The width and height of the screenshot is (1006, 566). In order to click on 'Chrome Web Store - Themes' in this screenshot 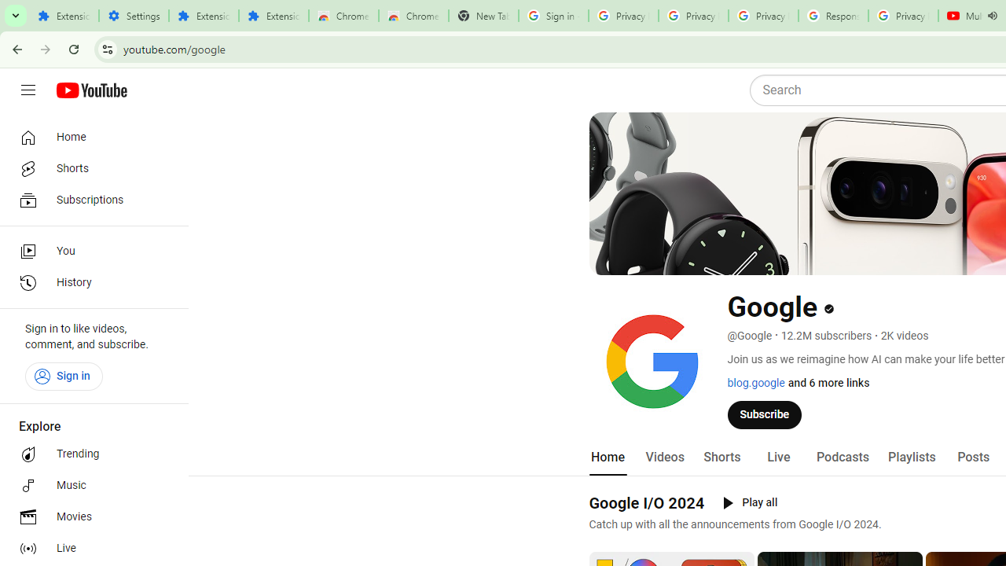, I will do `click(413, 16)`.